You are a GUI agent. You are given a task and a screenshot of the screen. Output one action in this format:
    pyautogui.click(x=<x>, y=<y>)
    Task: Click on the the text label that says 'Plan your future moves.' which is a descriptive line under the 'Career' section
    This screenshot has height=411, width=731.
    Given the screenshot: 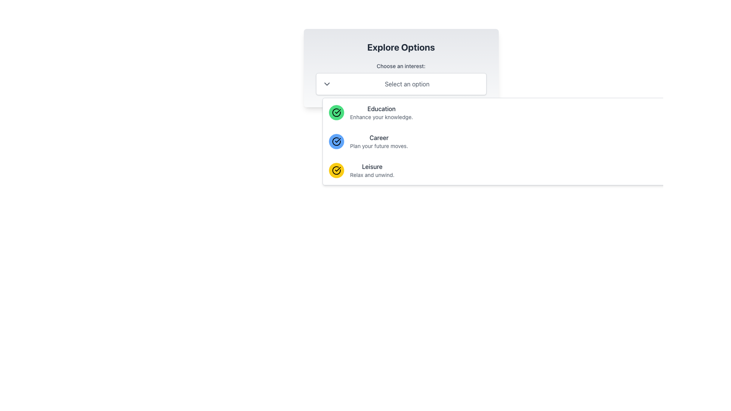 What is the action you would take?
    pyautogui.click(x=379, y=146)
    